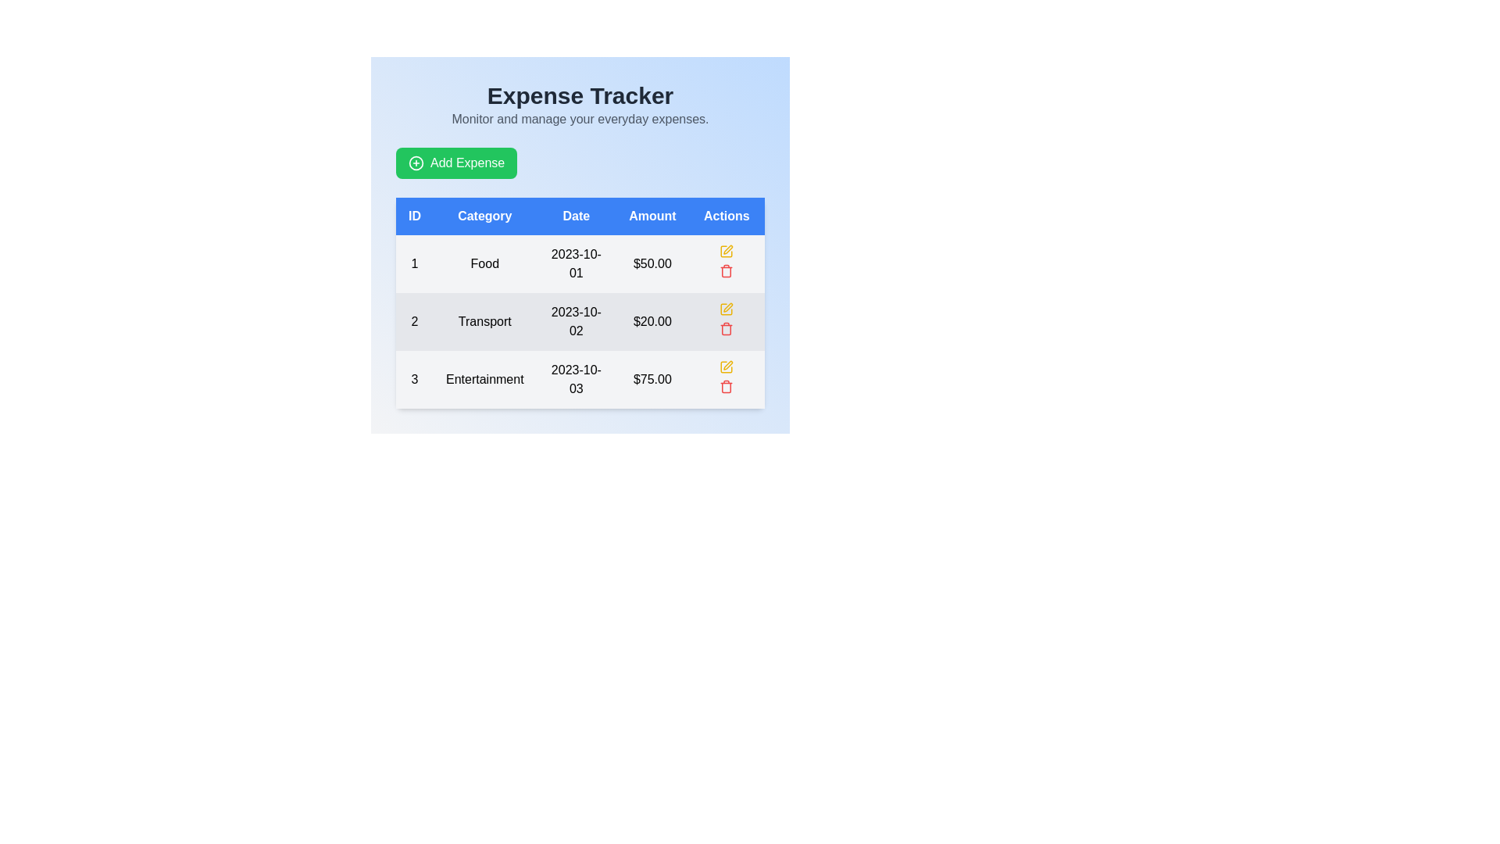 This screenshot has height=844, width=1500. What do you see at coordinates (652, 380) in the screenshot?
I see `the Label or Text Display showing the amount of $75.00 for the 'Entertainment' expense entry from October 3, 2023, located in the fourth column of the third row in the table` at bounding box center [652, 380].